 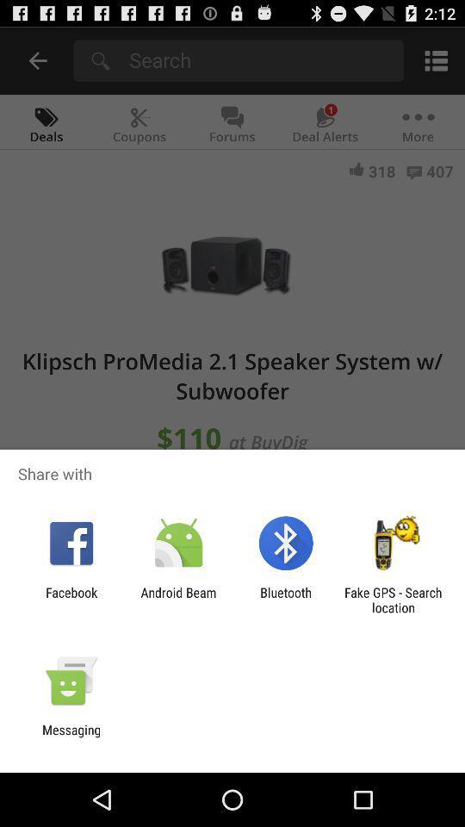 What do you see at coordinates (286, 600) in the screenshot?
I see `the item to the right of android beam app` at bounding box center [286, 600].